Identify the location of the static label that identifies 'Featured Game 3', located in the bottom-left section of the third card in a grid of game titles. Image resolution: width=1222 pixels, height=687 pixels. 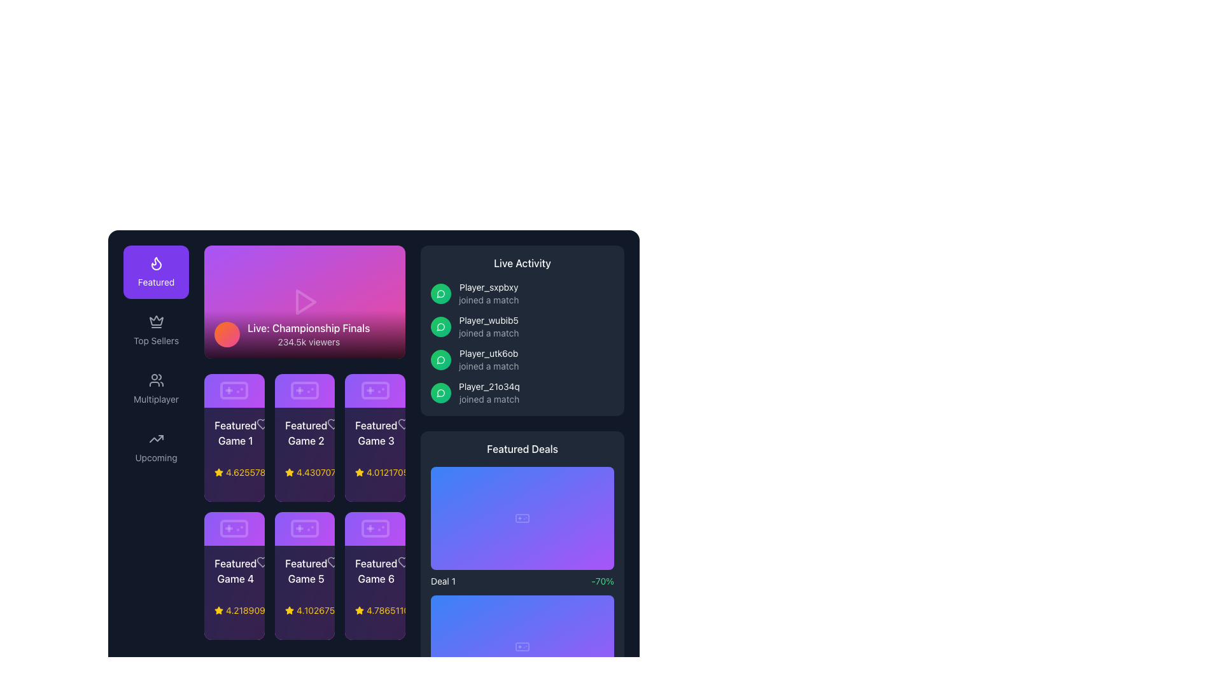
(376, 432).